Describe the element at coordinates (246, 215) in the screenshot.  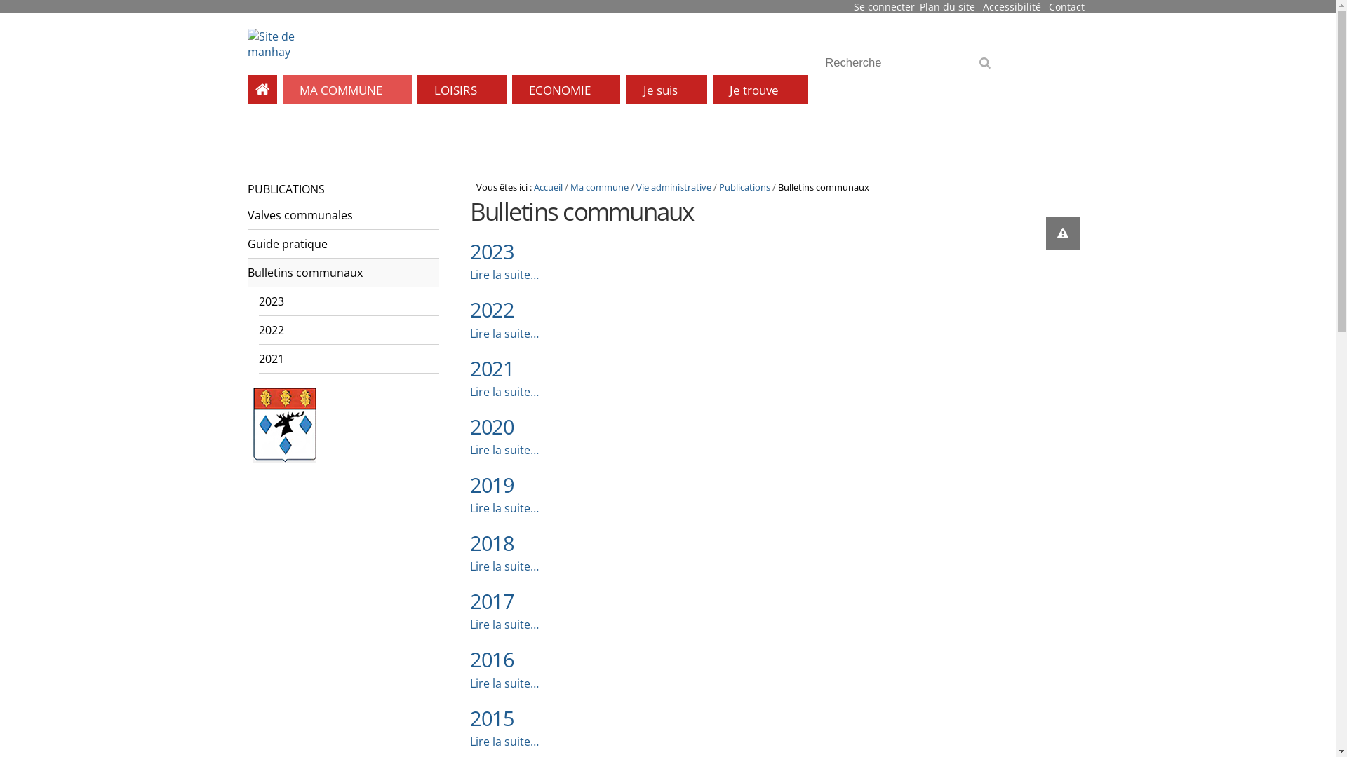
I see `'Valves communales'` at that location.